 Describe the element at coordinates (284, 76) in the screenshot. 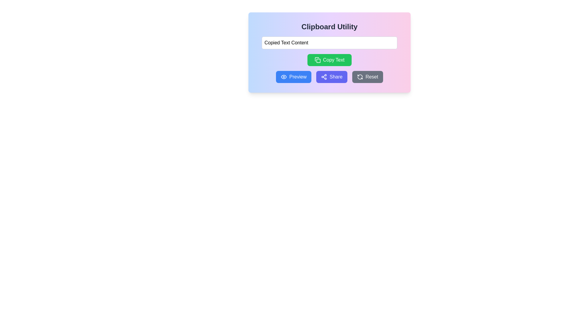

I see `the eye icon located inside the 'Preview' button, which is the first button among the four action buttons below the text input field, to receive potential visual feedback` at that location.